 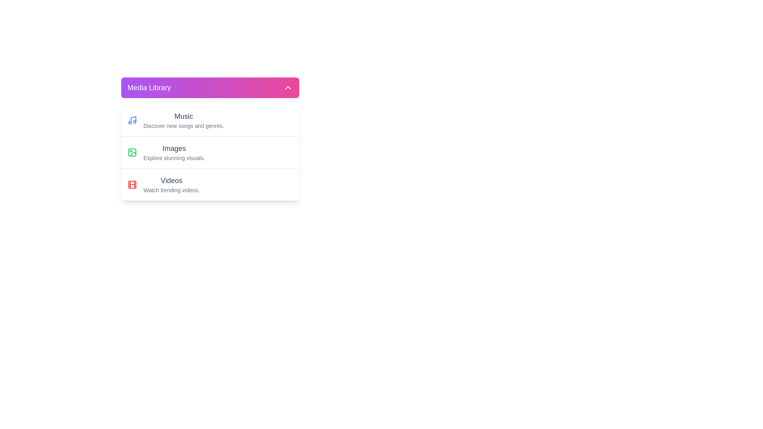 What do you see at coordinates (183, 120) in the screenshot?
I see `the topmost menu option in the 'Media Library' dropdown, positioned to the right of the blue music icon` at bounding box center [183, 120].